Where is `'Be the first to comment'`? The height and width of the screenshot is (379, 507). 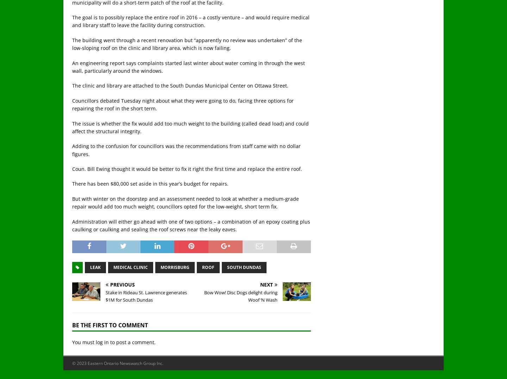 'Be the first to comment' is located at coordinates (110, 325).